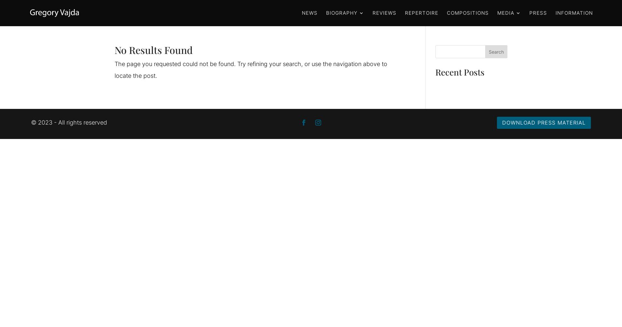 The width and height of the screenshot is (622, 327). What do you see at coordinates (421, 13) in the screenshot?
I see `'Repertoire'` at bounding box center [421, 13].